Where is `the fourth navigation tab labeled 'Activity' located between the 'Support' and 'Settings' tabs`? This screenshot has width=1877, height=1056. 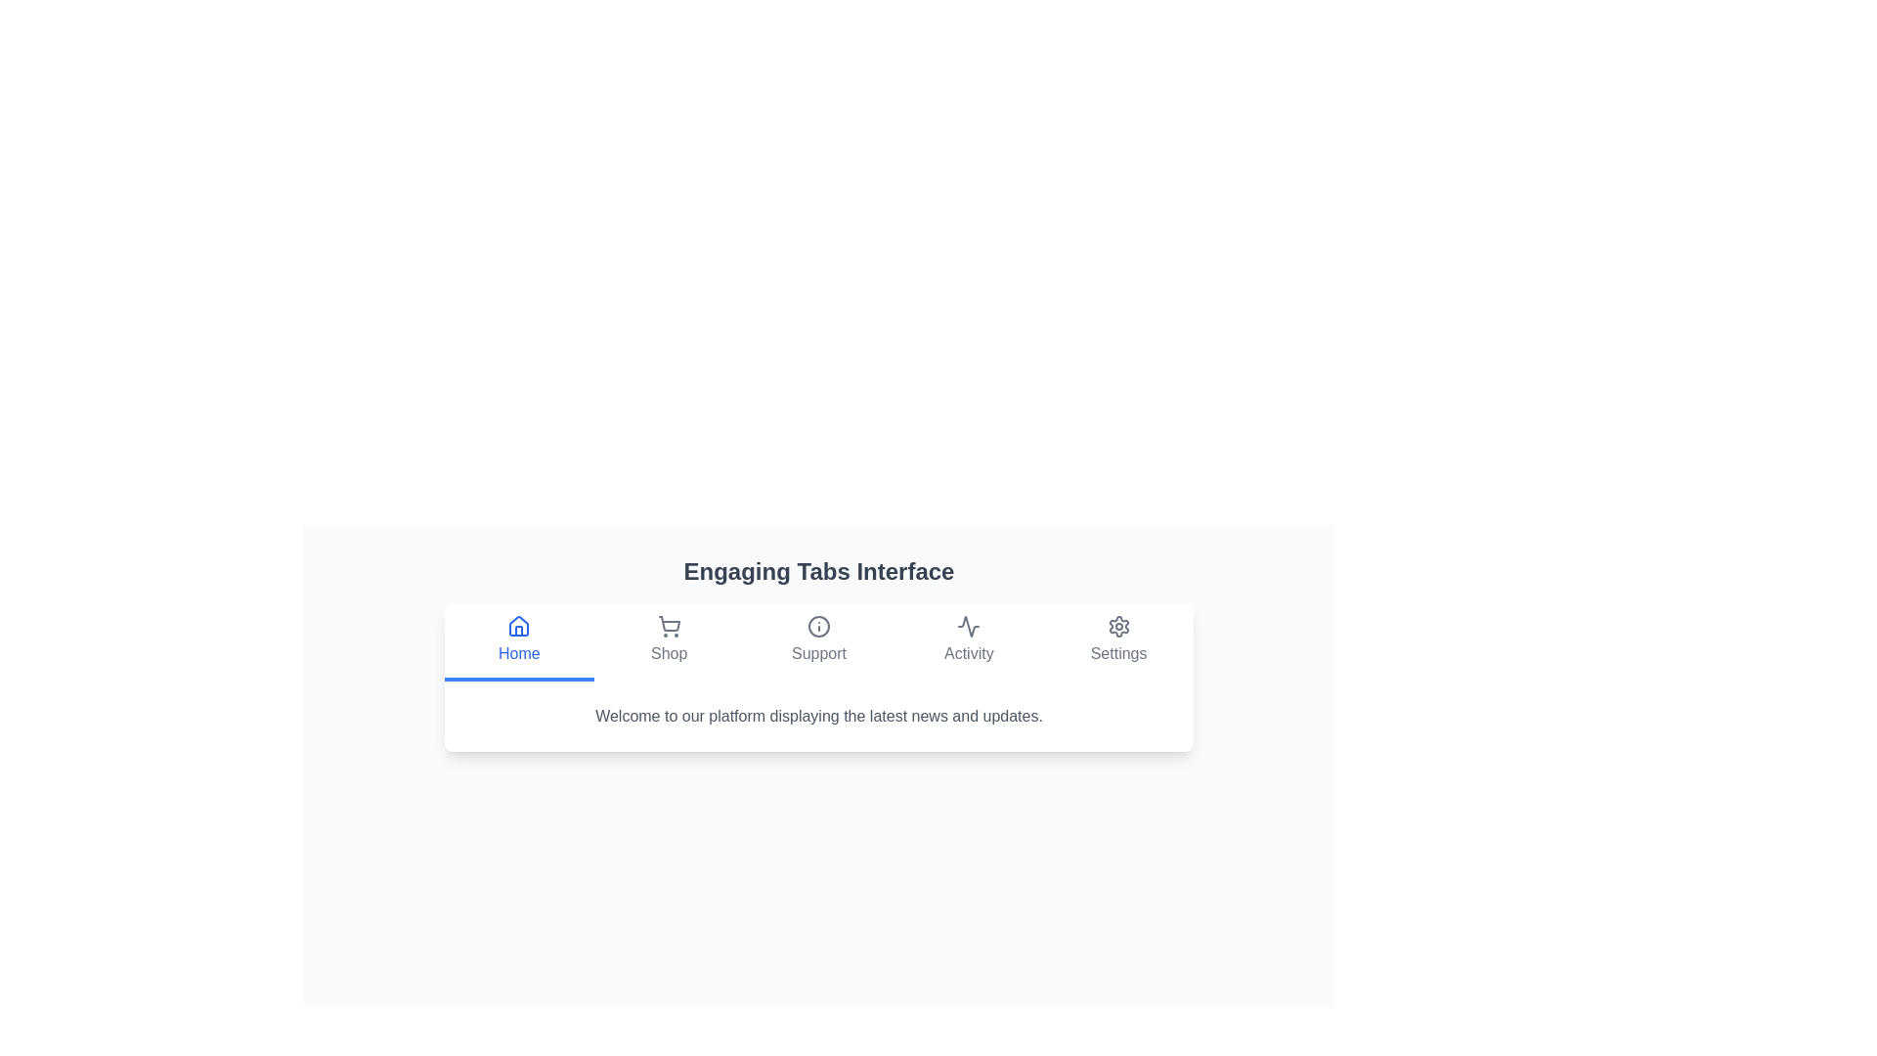 the fourth navigation tab labeled 'Activity' located between the 'Support' and 'Settings' tabs is located at coordinates (969, 641).